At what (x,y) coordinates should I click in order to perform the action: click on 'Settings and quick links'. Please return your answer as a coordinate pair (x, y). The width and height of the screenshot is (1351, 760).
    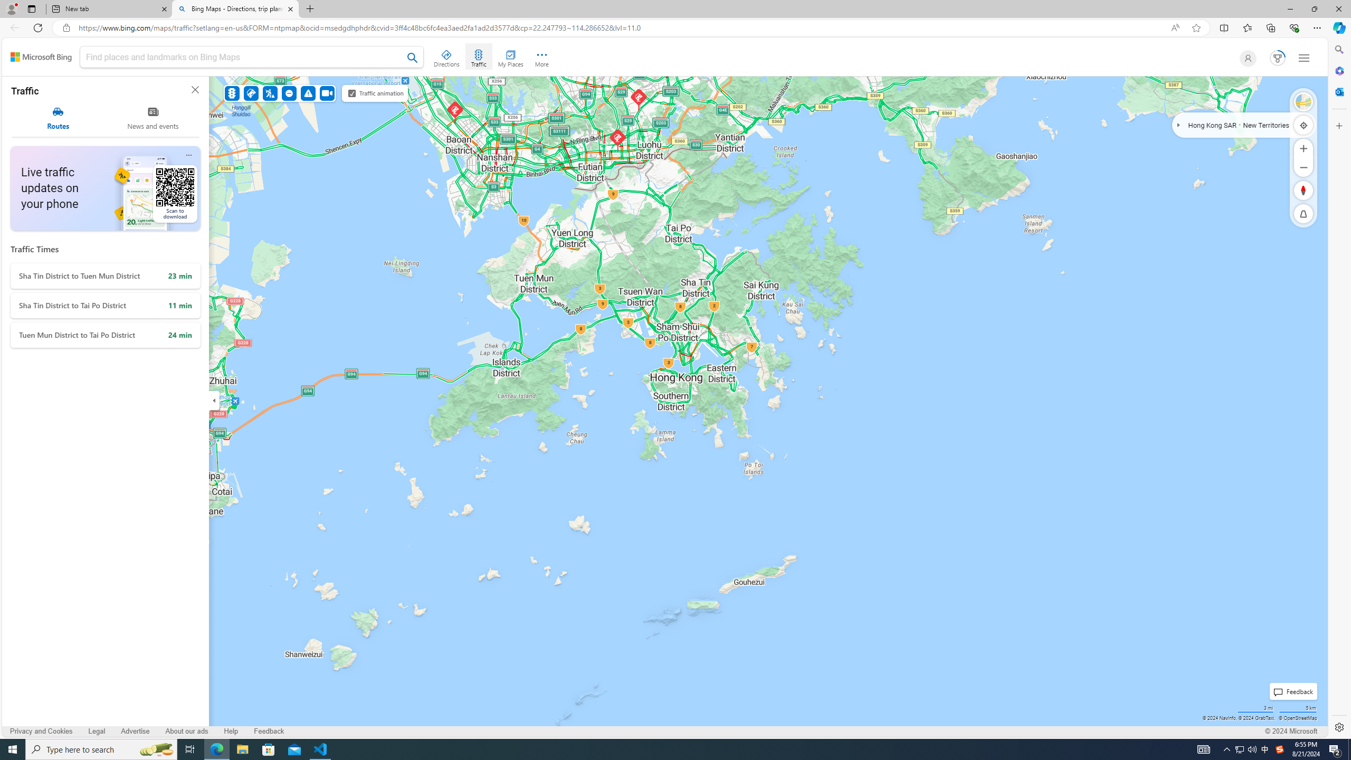
    Looking at the image, I should click on (1304, 58).